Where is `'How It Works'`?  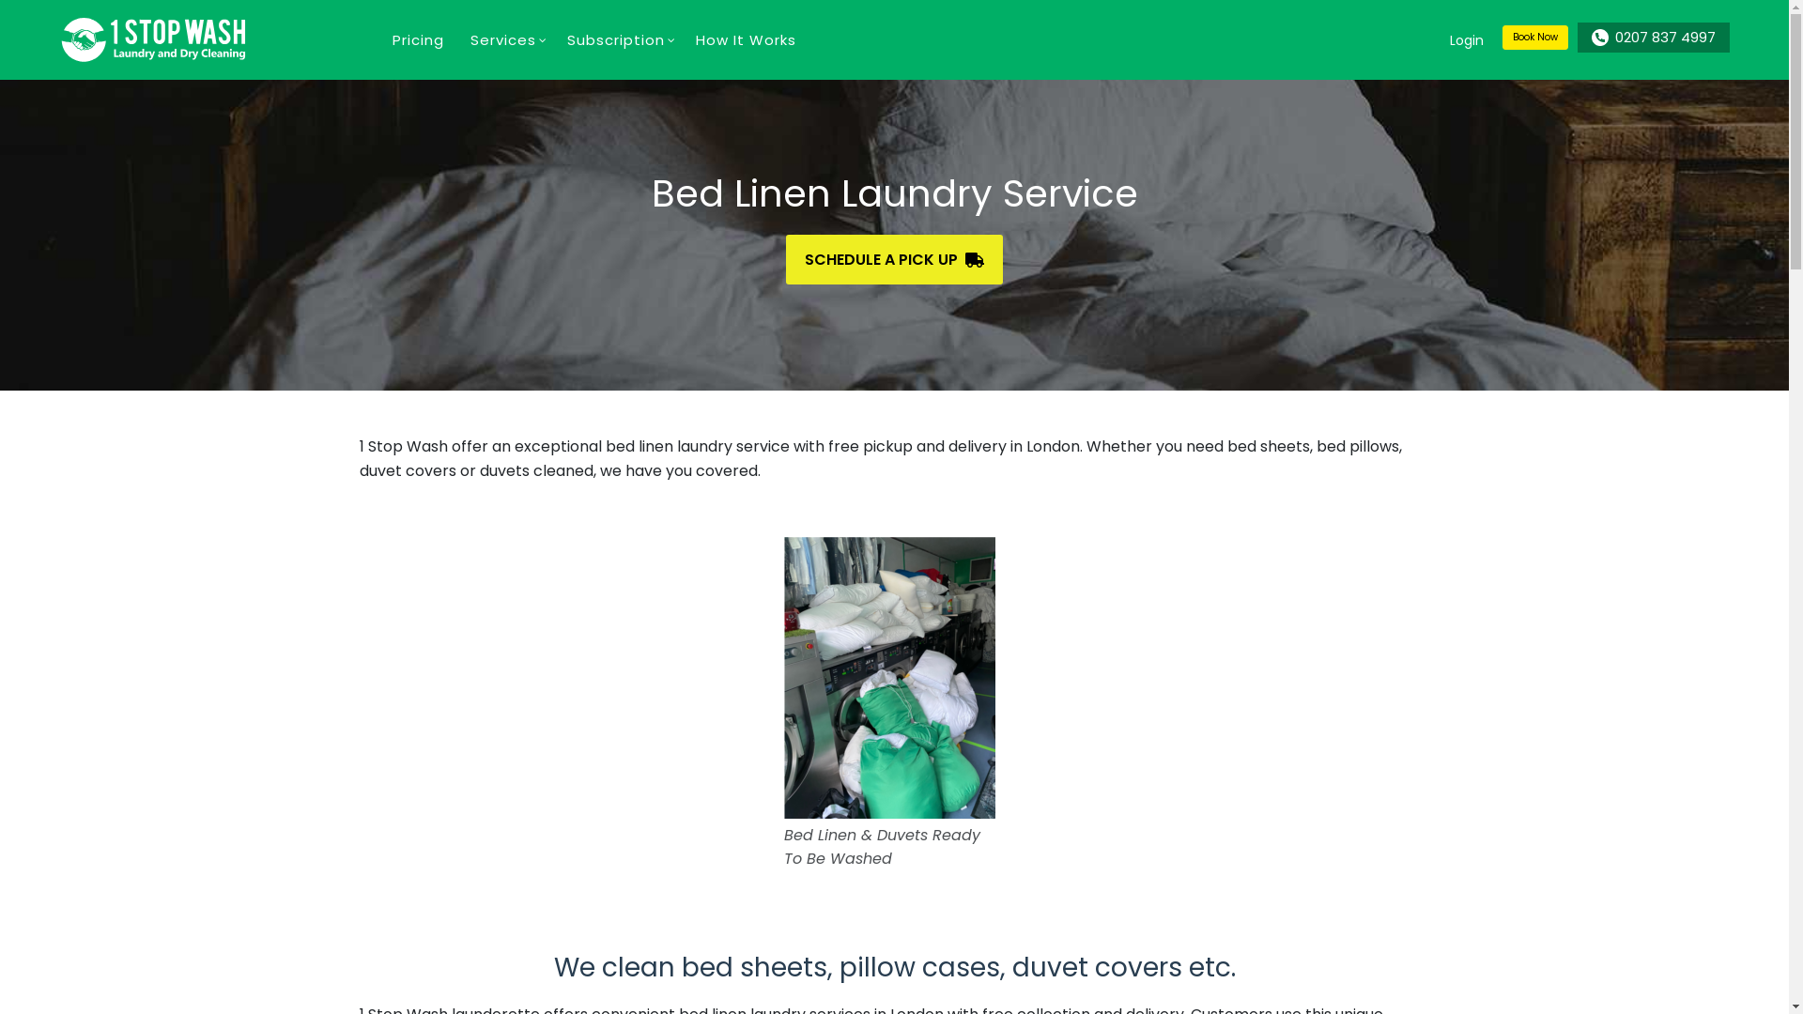
'How It Works' is located at coordinates (683, 39).